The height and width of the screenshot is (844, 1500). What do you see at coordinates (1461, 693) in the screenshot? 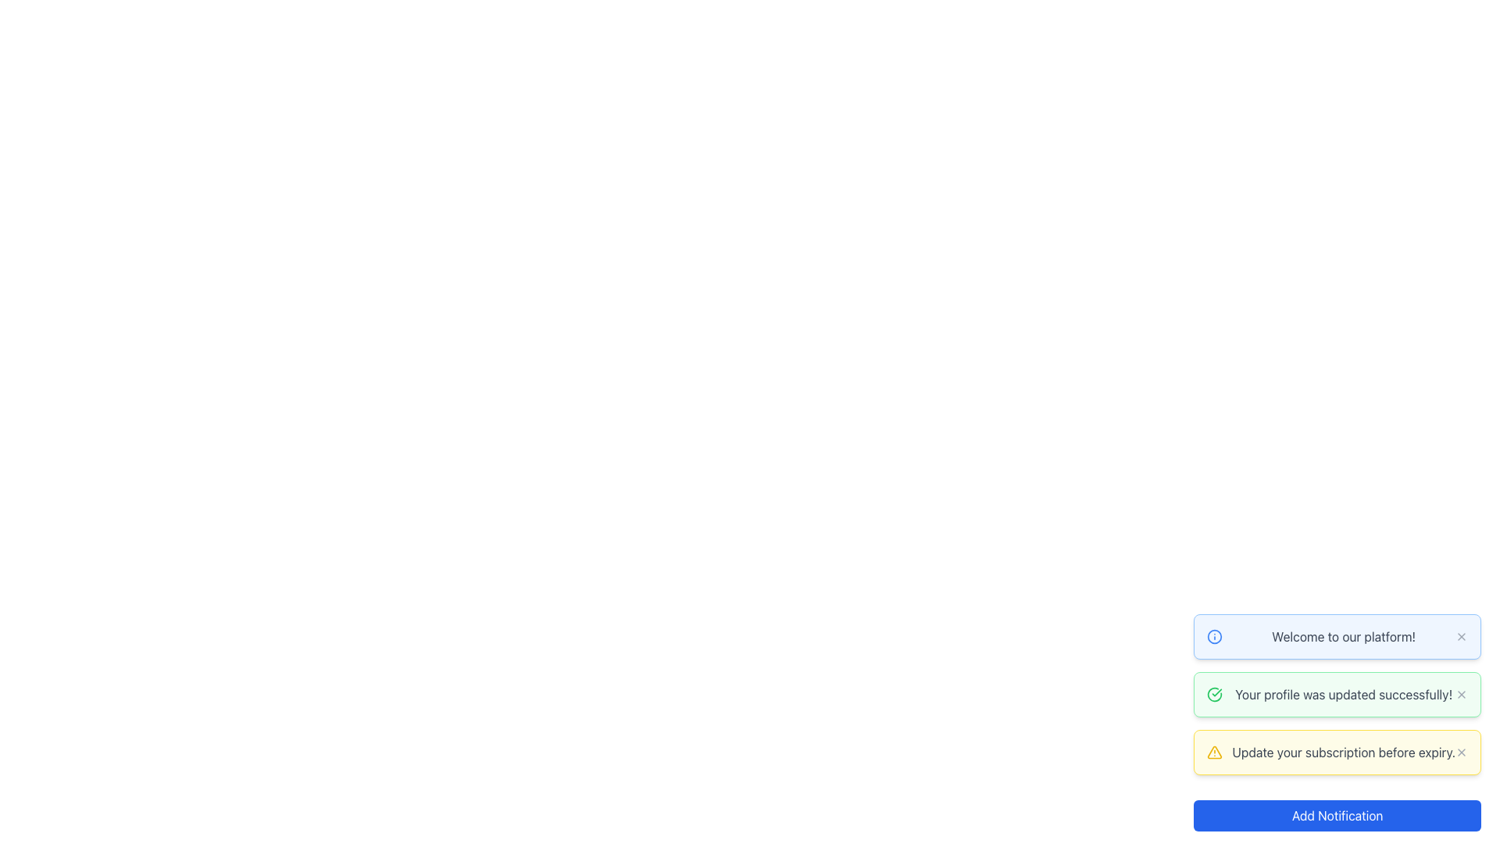
I see `the close button represented by an 'X' icon in the notification box titled 'Your profile was updated successfully!'` at bounding box center [1461, 693].